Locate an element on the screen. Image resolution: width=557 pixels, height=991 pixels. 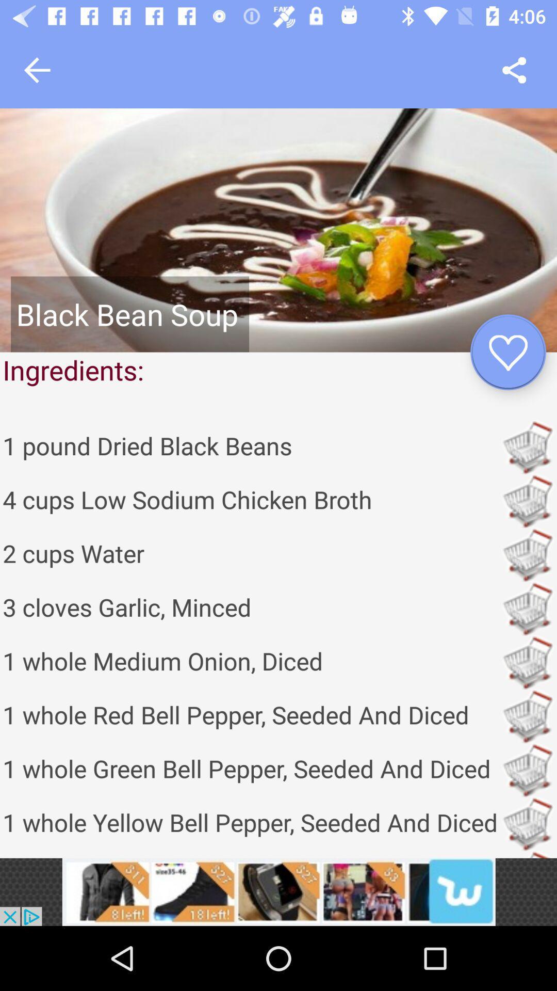
share this recipe is located at coordinates (514, 70).